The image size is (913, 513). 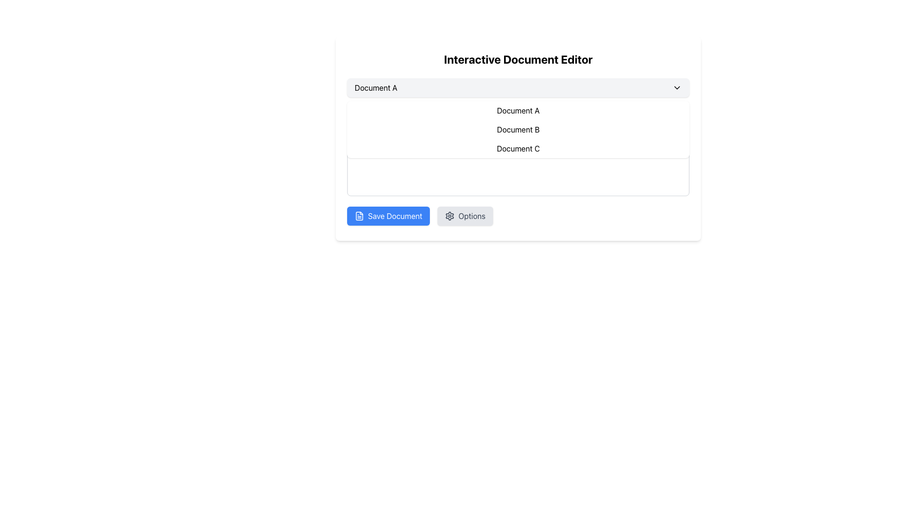 What do you see at coordinates (517, 130) in the screenshot?
I see `to select the second option in the dropdown menu, which corresponds to 'Document B'` at bounding box center [517, 130].